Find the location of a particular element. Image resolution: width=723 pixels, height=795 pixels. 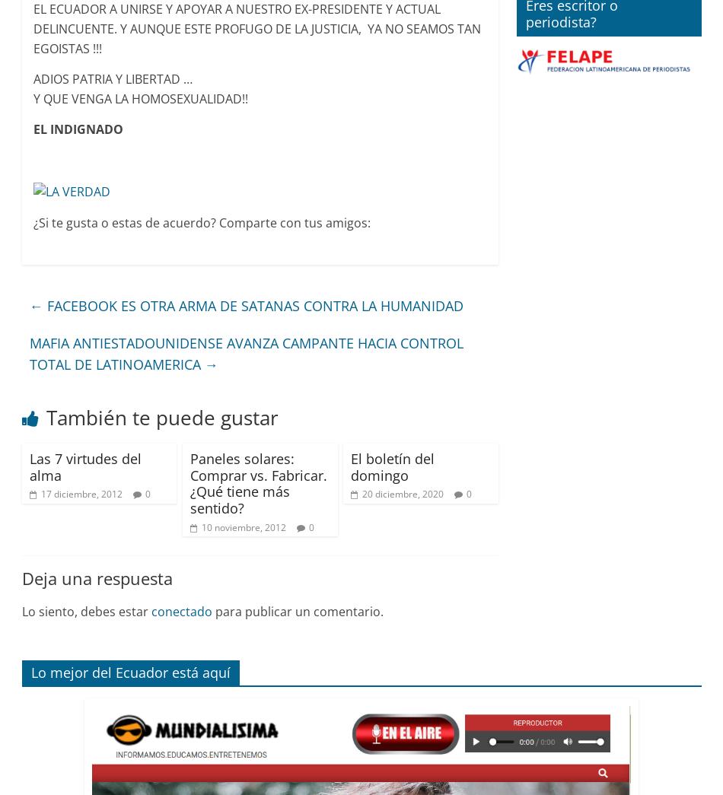

'Las 7 virtudes del alma' is located at coordinates (84, 466).